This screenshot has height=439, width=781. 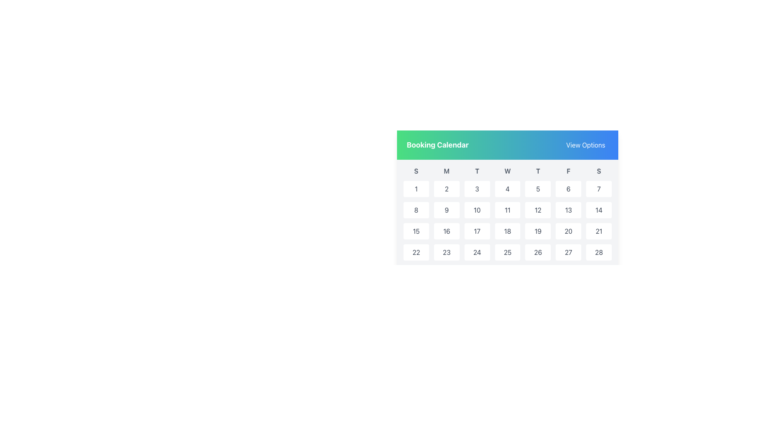 What do you see at coordinates (416, 170) in the screenshot?
I see `the bold gray character 'S' located in the first column of the top row of the calendar grid` at bounding box center [416, 170].